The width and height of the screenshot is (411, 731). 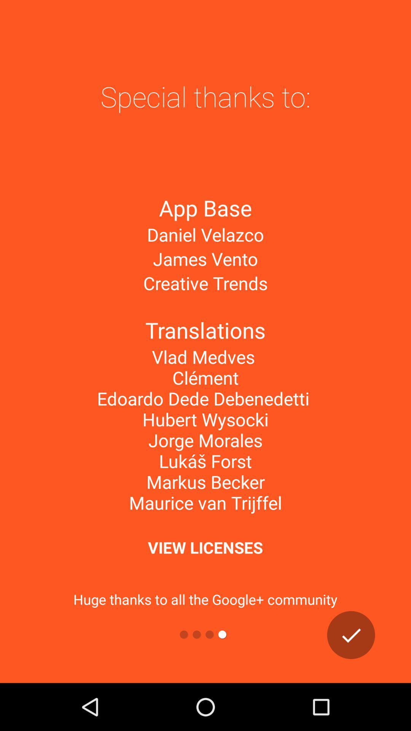 I want to click on all info correct, so click(x=351, y=635).